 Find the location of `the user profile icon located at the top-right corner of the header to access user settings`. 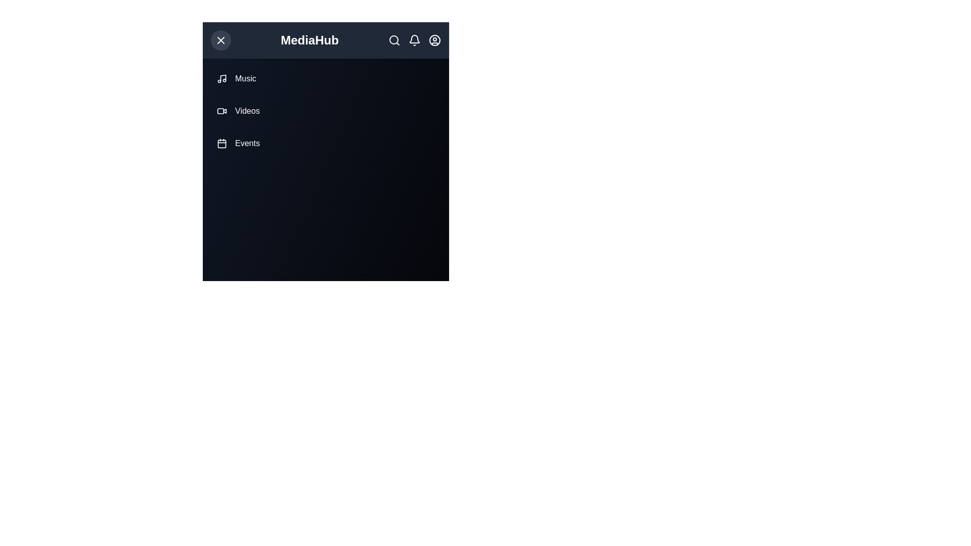

the user profile icon located at the top-right corner of the header to access user settings is located at coordinates (434, 40).